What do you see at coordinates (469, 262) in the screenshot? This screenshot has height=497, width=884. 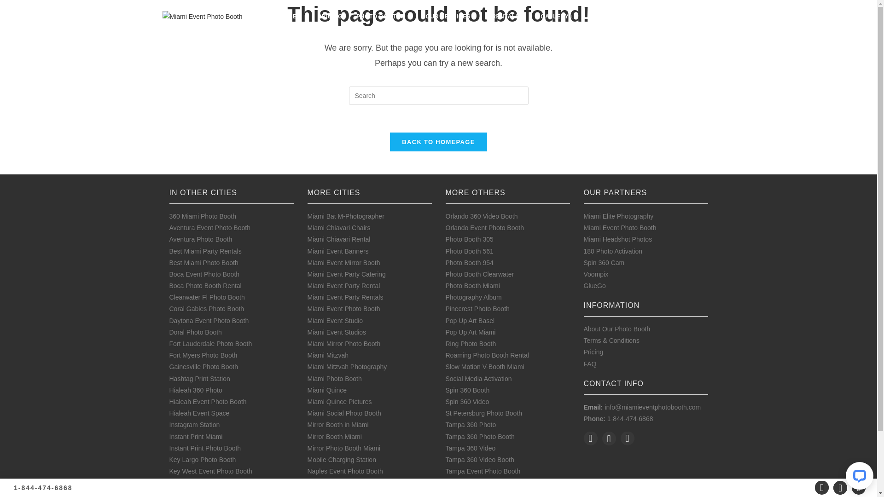 I see `'Photo Booth 954'` at bounding box center [469, 262].